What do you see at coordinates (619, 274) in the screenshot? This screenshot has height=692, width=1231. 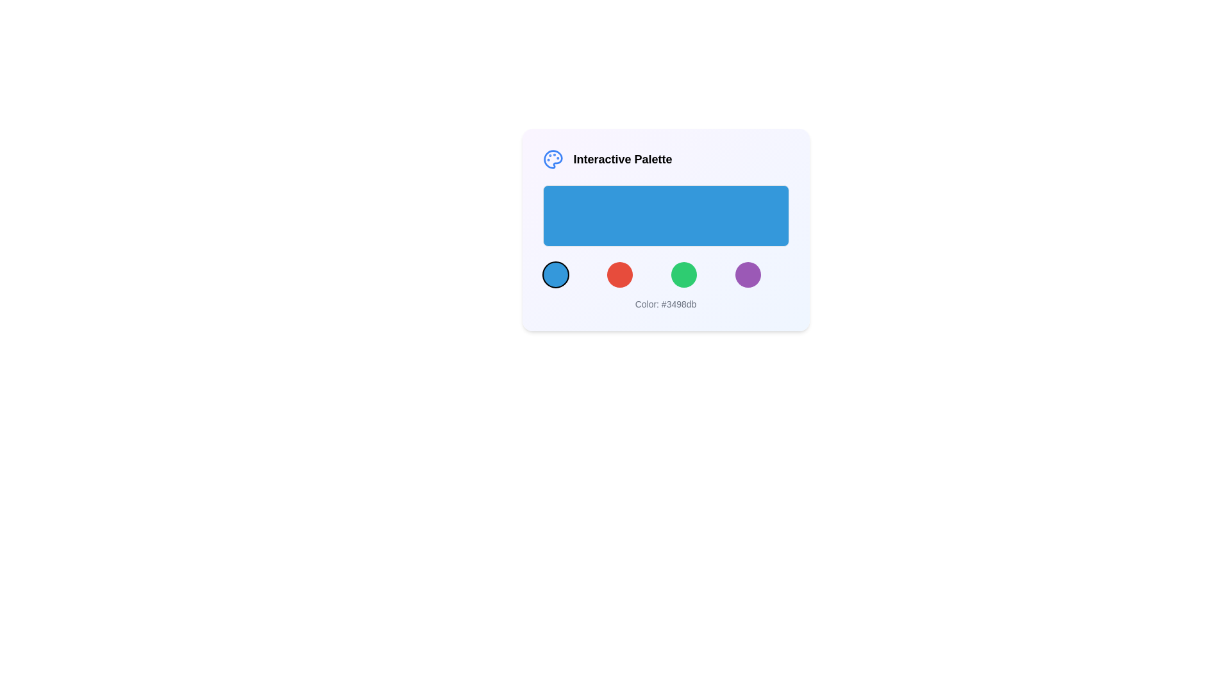 I see `the second circular button representing the red color in the color palette` at bounding box center [619, 274].